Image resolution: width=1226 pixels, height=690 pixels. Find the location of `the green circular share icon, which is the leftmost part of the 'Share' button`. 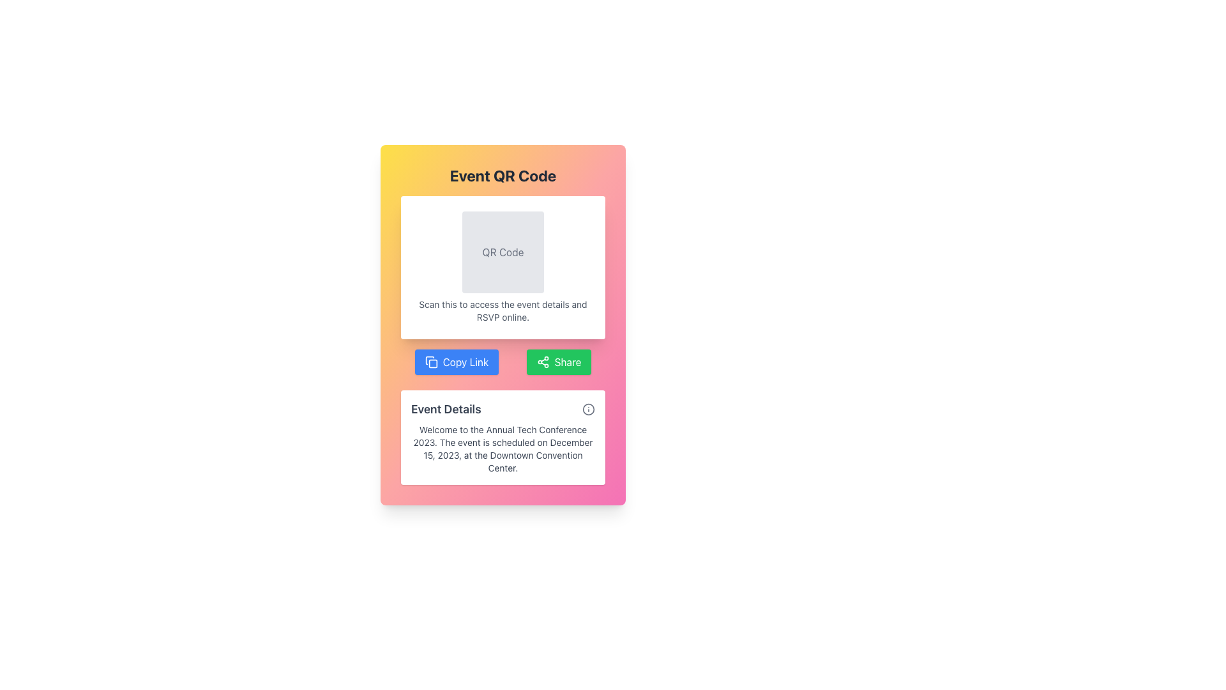

the green circular share icon, which is the leftmost part of the 'Share' button is located at coordinates (543, 362).